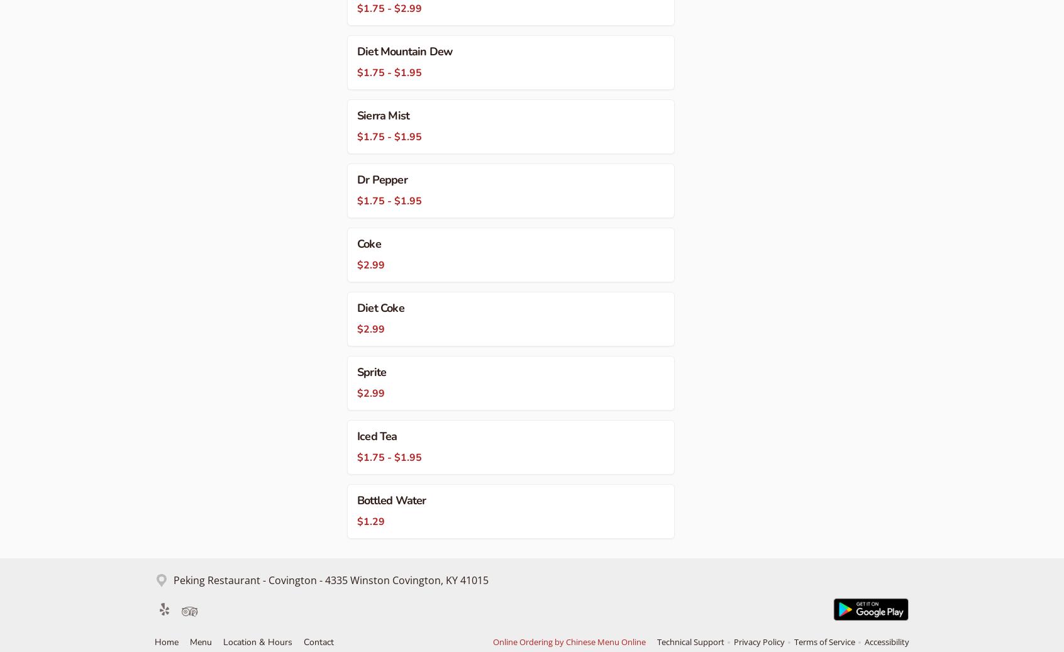 Image resolution: width=1064 pixels, height=652 pixels. I want to click on 'Iced Tea', so click(376, 436).